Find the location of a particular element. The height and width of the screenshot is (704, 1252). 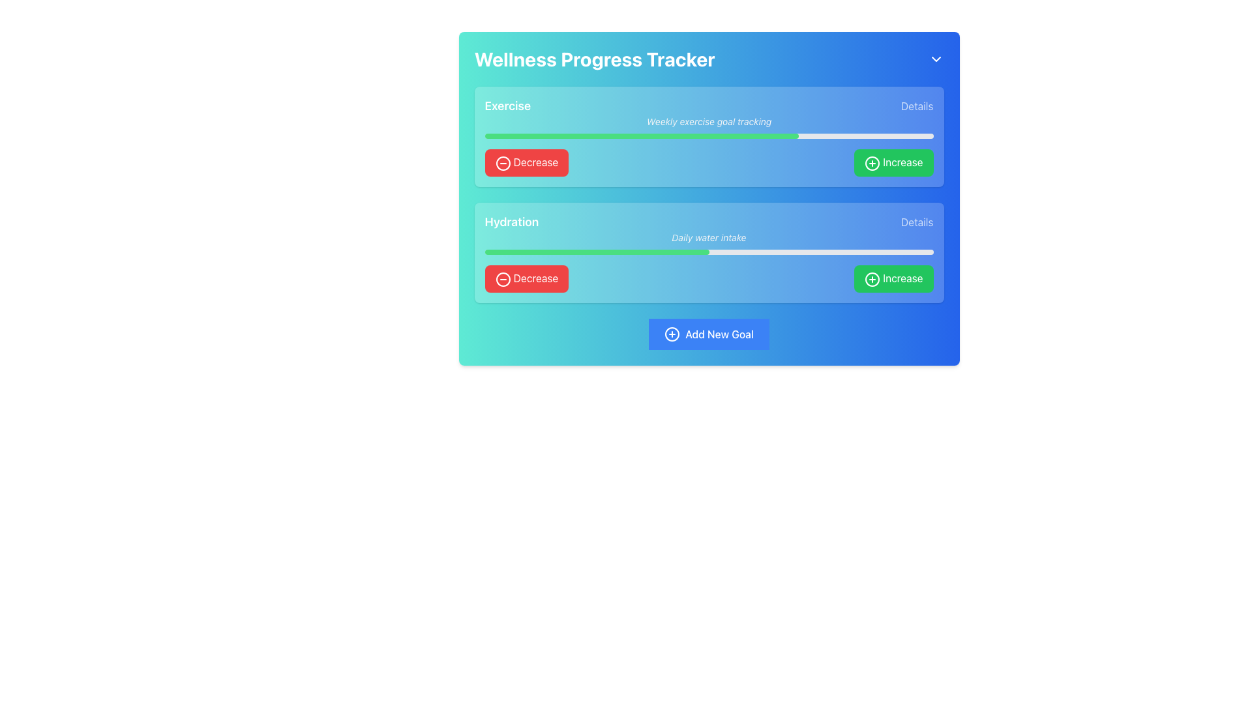

the green progress bar in the 'Exercise' section, which indicates 70% completion of the weekly exercise goal is located at coordinates (642, 136).